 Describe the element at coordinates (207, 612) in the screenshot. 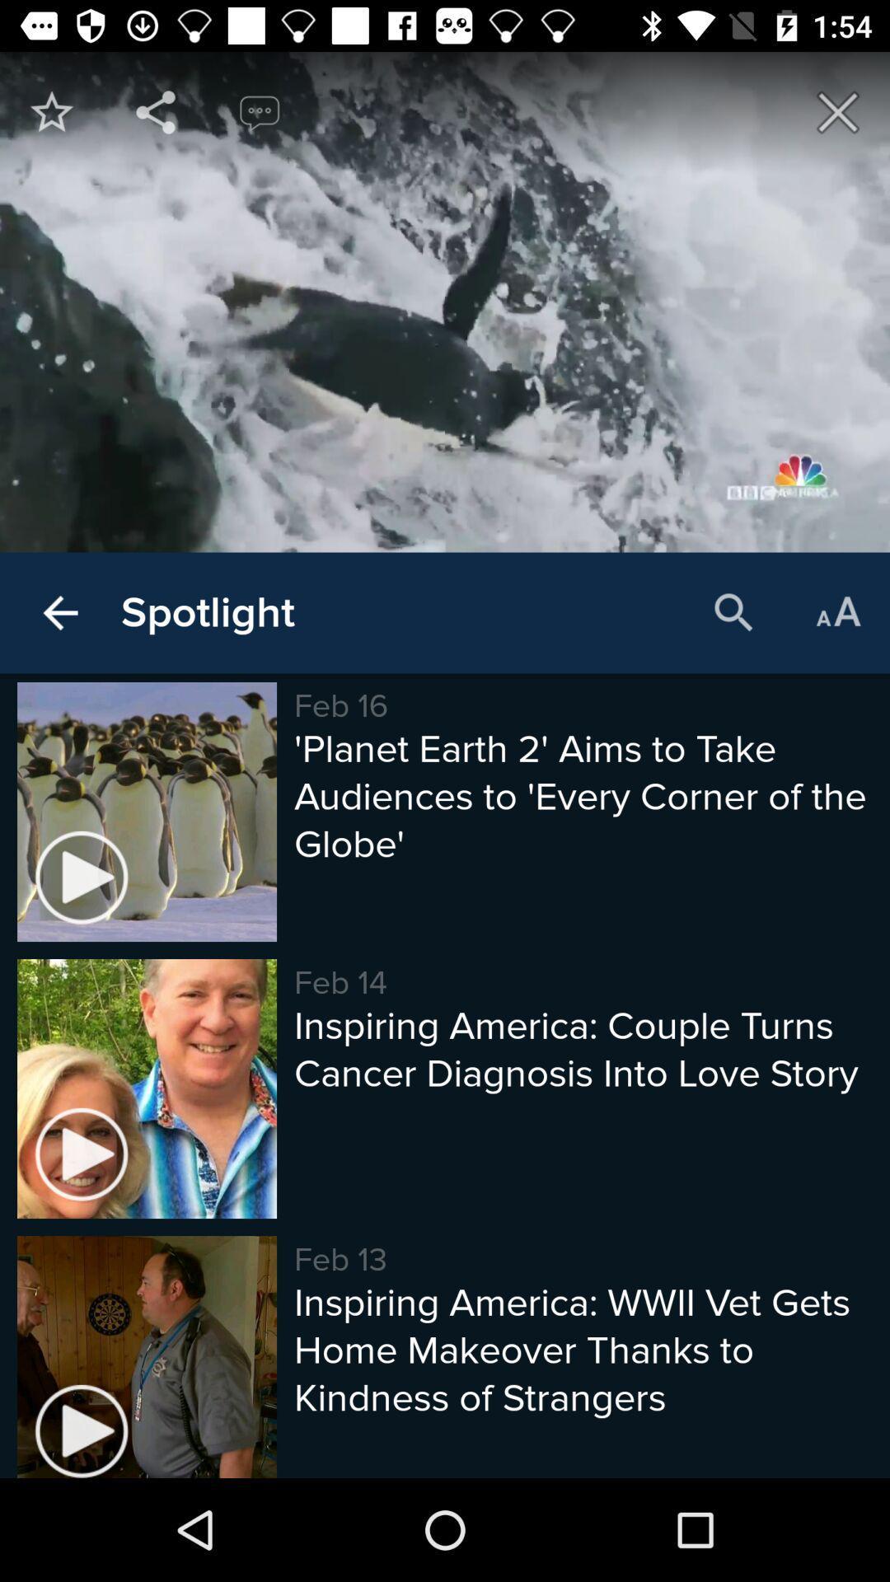

I see `the item to the left of the feb 16 item` at that location.